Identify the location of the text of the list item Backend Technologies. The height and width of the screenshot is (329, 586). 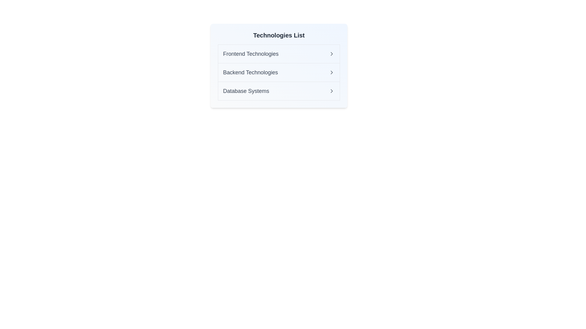
(250, 72).